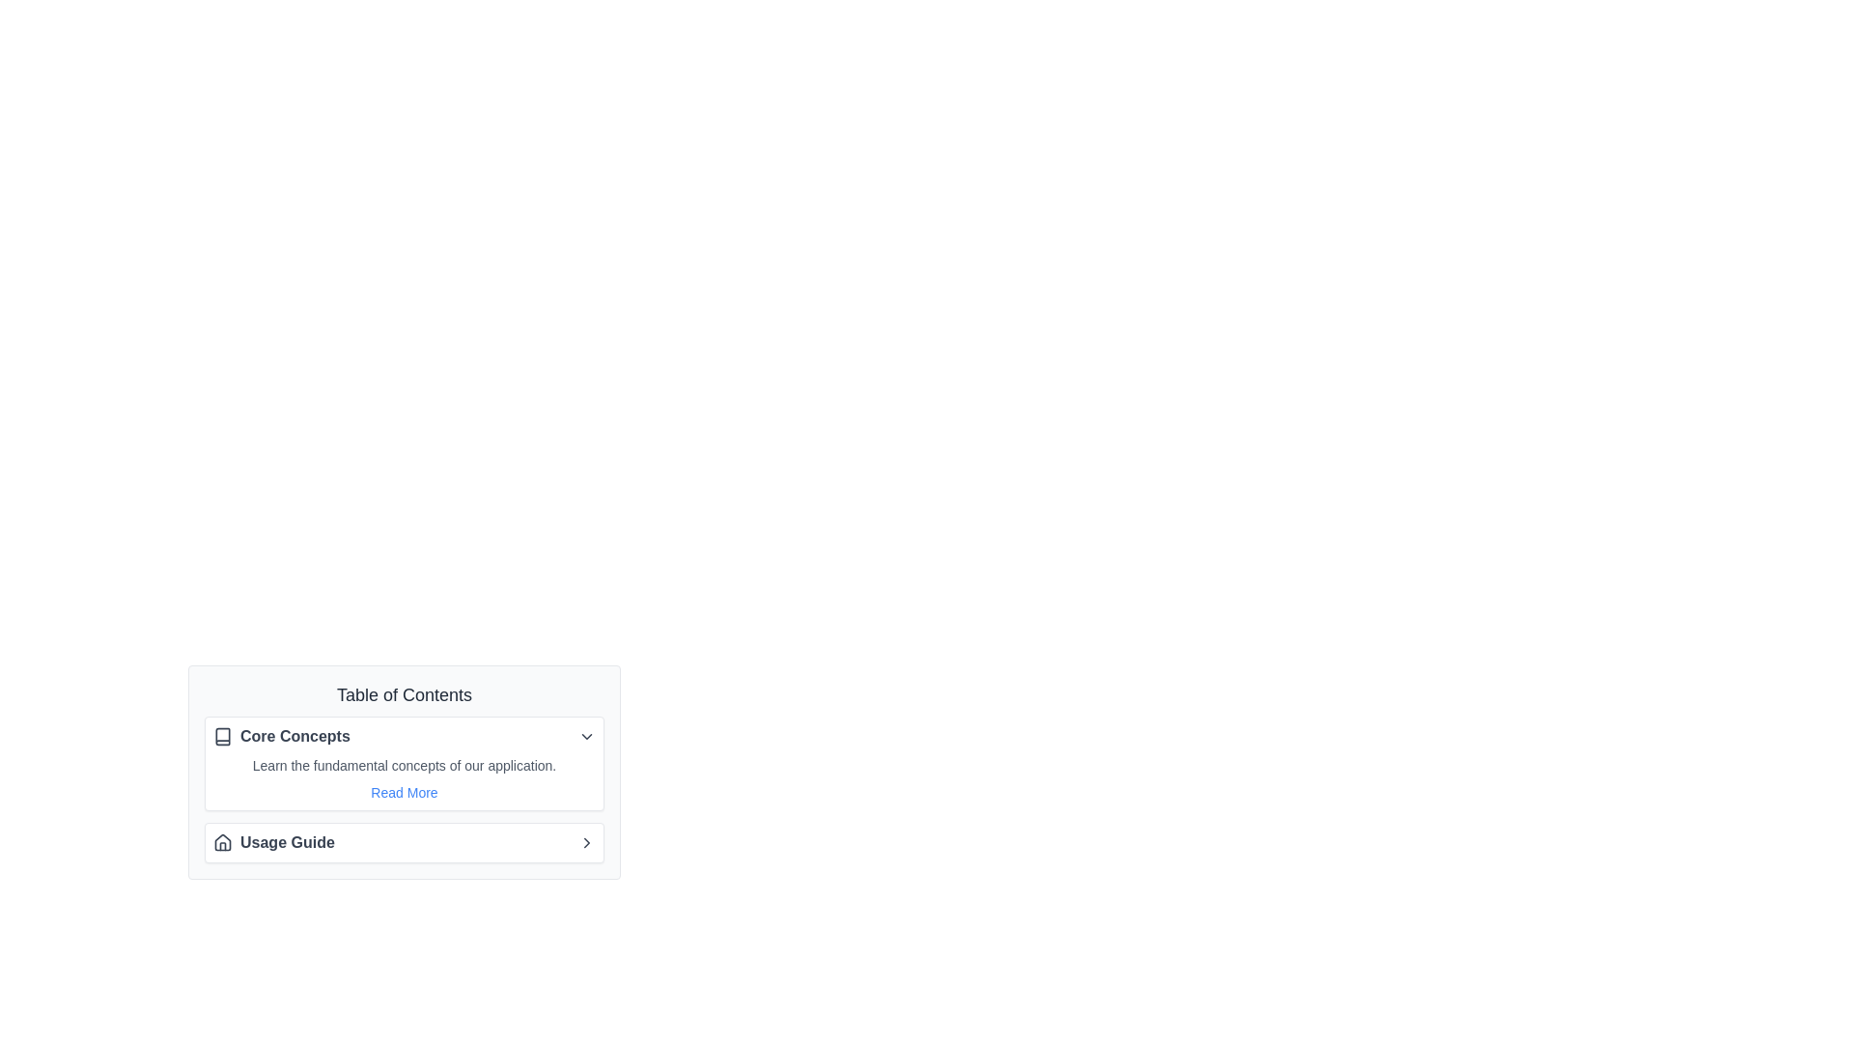 The height and width of the screenshot is (1043, 1854). Describe the element at coordinates (286, 841) in the screenshot. I see `the 'Usage Guide' text label, which is part of the navigational links below the 'Core Concepts' section in the 'Table of Contents' card` at that location.